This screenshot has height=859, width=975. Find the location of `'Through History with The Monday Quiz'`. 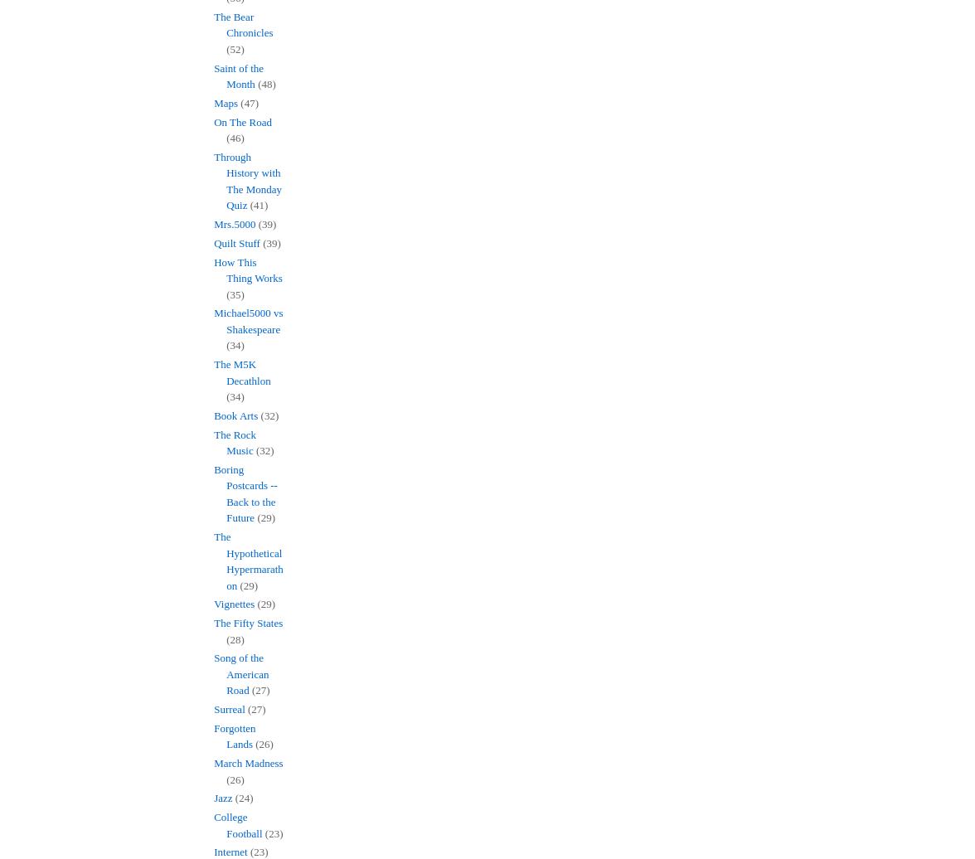

'Through History with The Monday Quiz' is located at coordinates (248, 180).